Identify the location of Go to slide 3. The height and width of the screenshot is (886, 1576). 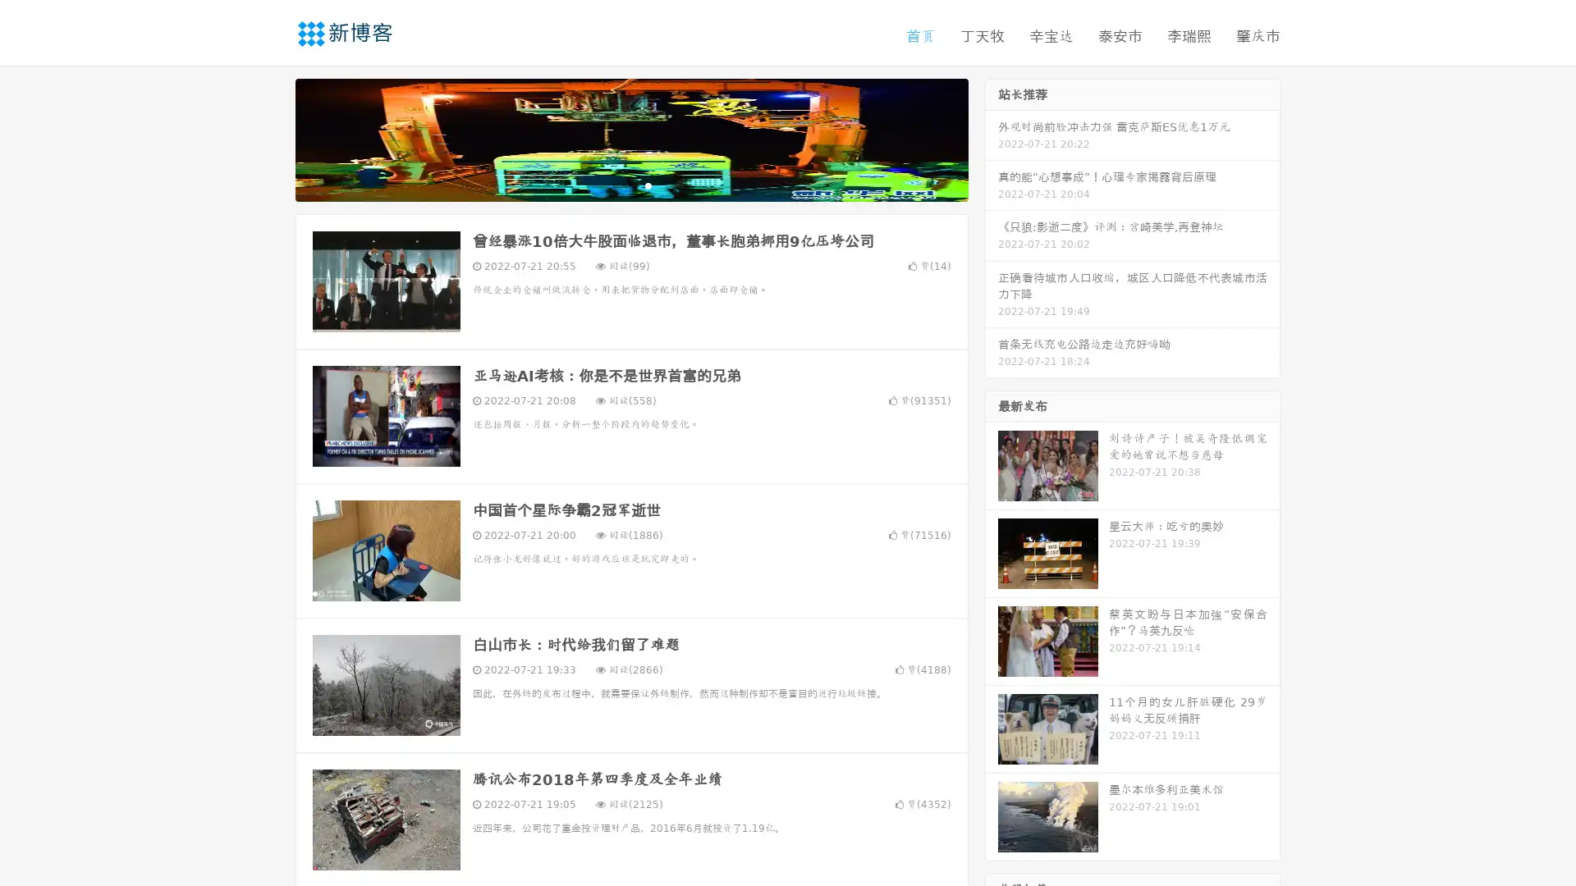
(648, 185).